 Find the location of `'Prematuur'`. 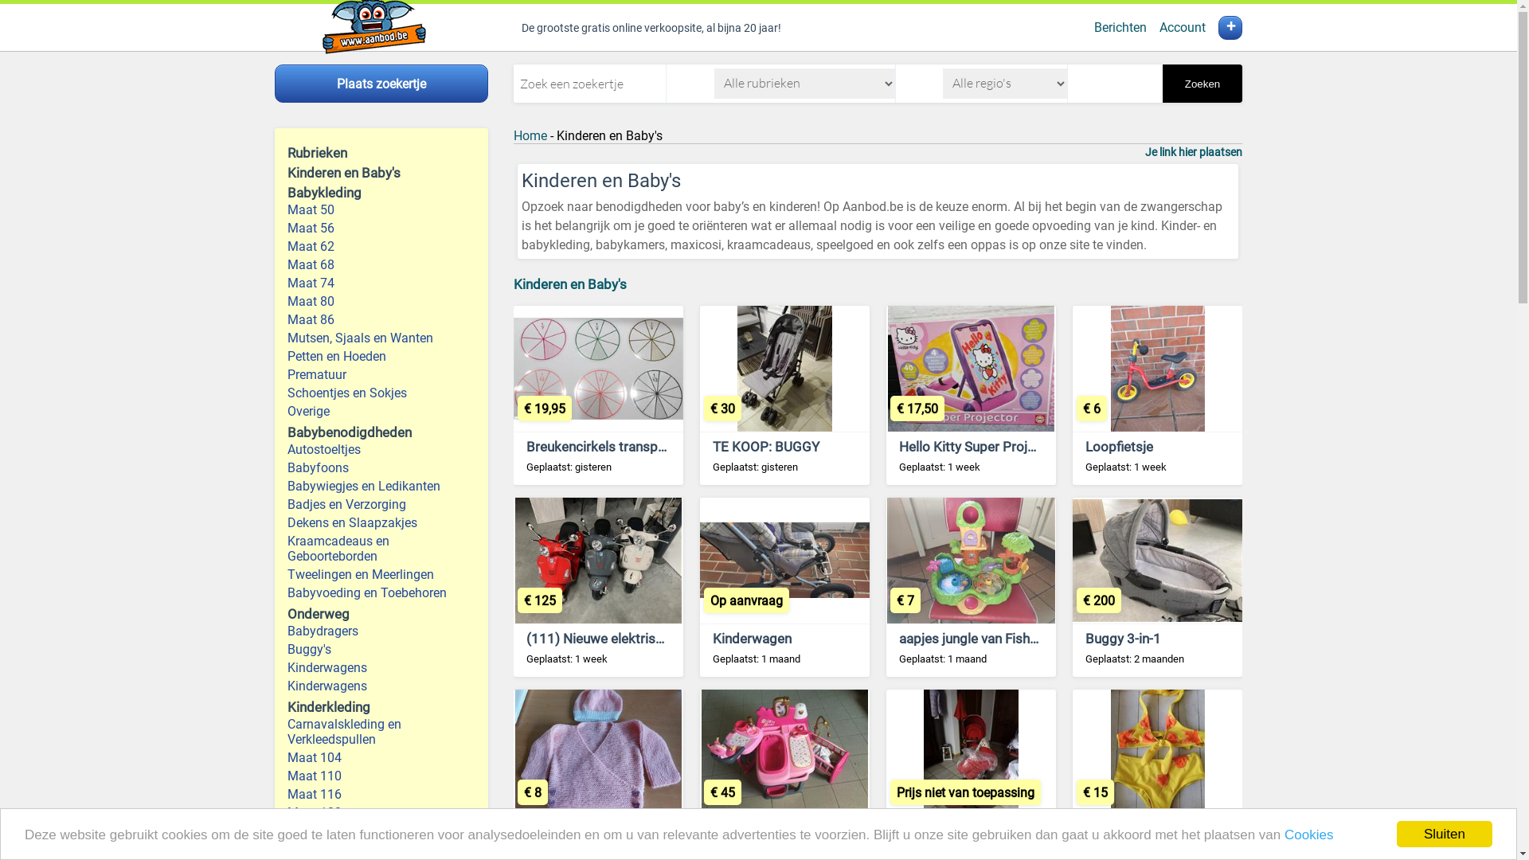

'Prematuur' is located at coordinates (381, 374).